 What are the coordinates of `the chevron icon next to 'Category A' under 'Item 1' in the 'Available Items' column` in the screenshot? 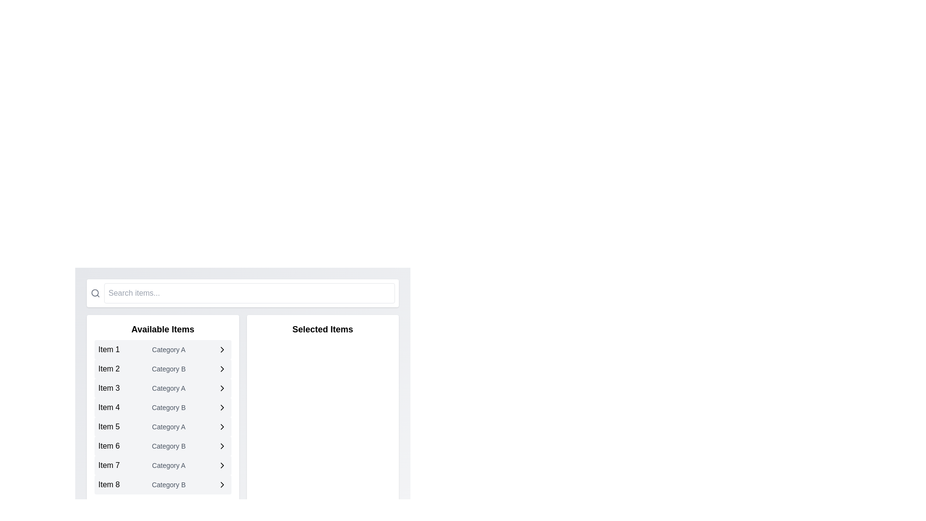 It's located at (222, 350).